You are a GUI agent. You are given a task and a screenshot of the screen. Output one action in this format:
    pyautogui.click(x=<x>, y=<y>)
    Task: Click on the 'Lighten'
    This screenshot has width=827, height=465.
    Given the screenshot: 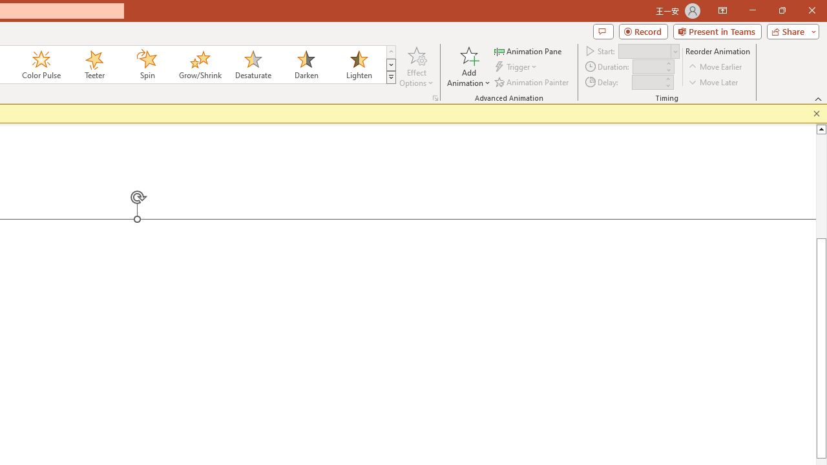 What is the action you would take?
    pyautogui.click(x=359, y=65)
    